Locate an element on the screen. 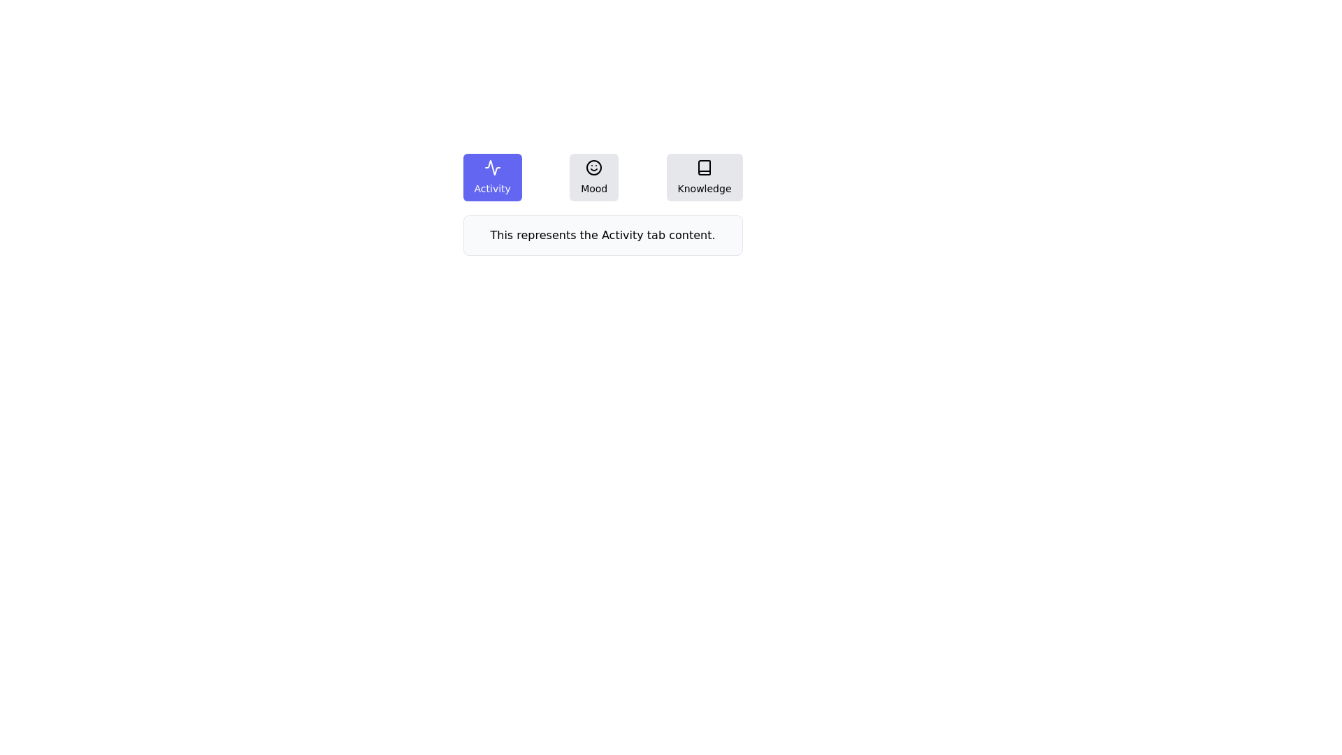 The width and height of the screenshot is (1342, 755). the 'Knowledge' button, which features a book icon and text is located at coordinates (705, 177).